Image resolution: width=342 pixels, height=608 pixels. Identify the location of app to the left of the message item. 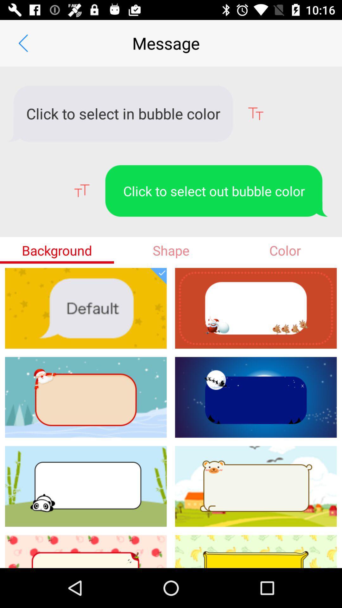
(23, 43).